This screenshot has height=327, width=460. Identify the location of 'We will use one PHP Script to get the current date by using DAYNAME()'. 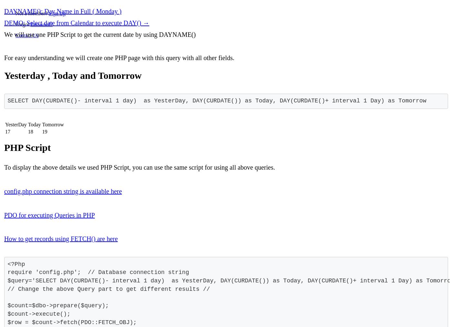
(4, 34).